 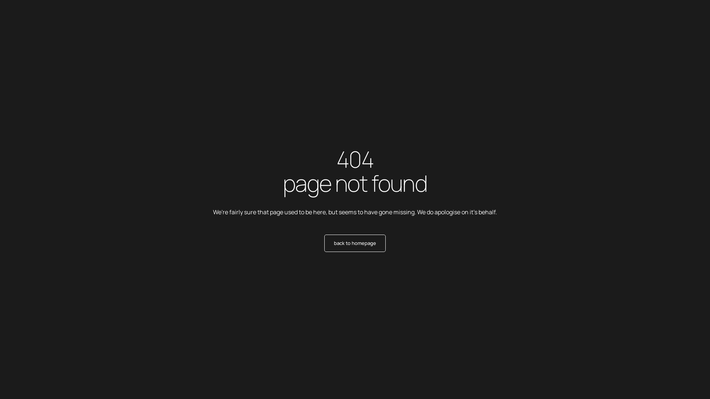 What do you see at coordinates (355, 243) in the screenshot?
I see `'back to homepage'` at bounding box center [355, 243].